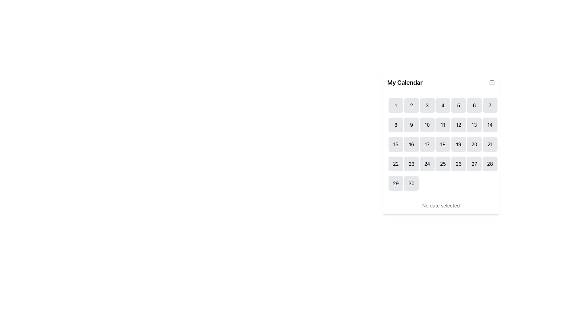 The height and width of the screenshot is (329, 586). What do you see at coordinates (396, 144) in the screenshot?
I see `the square button with rounded corners, light gray background, and black number '15'` at bounding box center [396, 144].